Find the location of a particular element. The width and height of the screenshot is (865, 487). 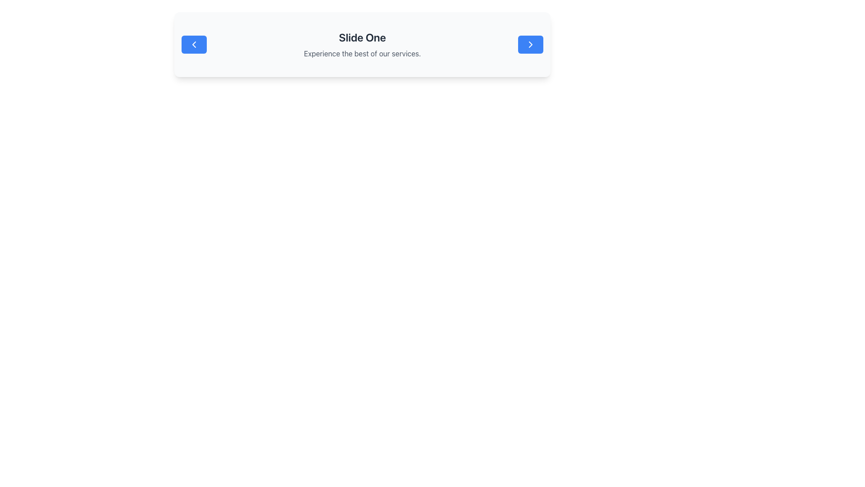

the Text Label that serves as the title or heading for the slide, located at the top-center of the layout, above the 'Experience the best of our services.' text is located at coordinates (362, 37).